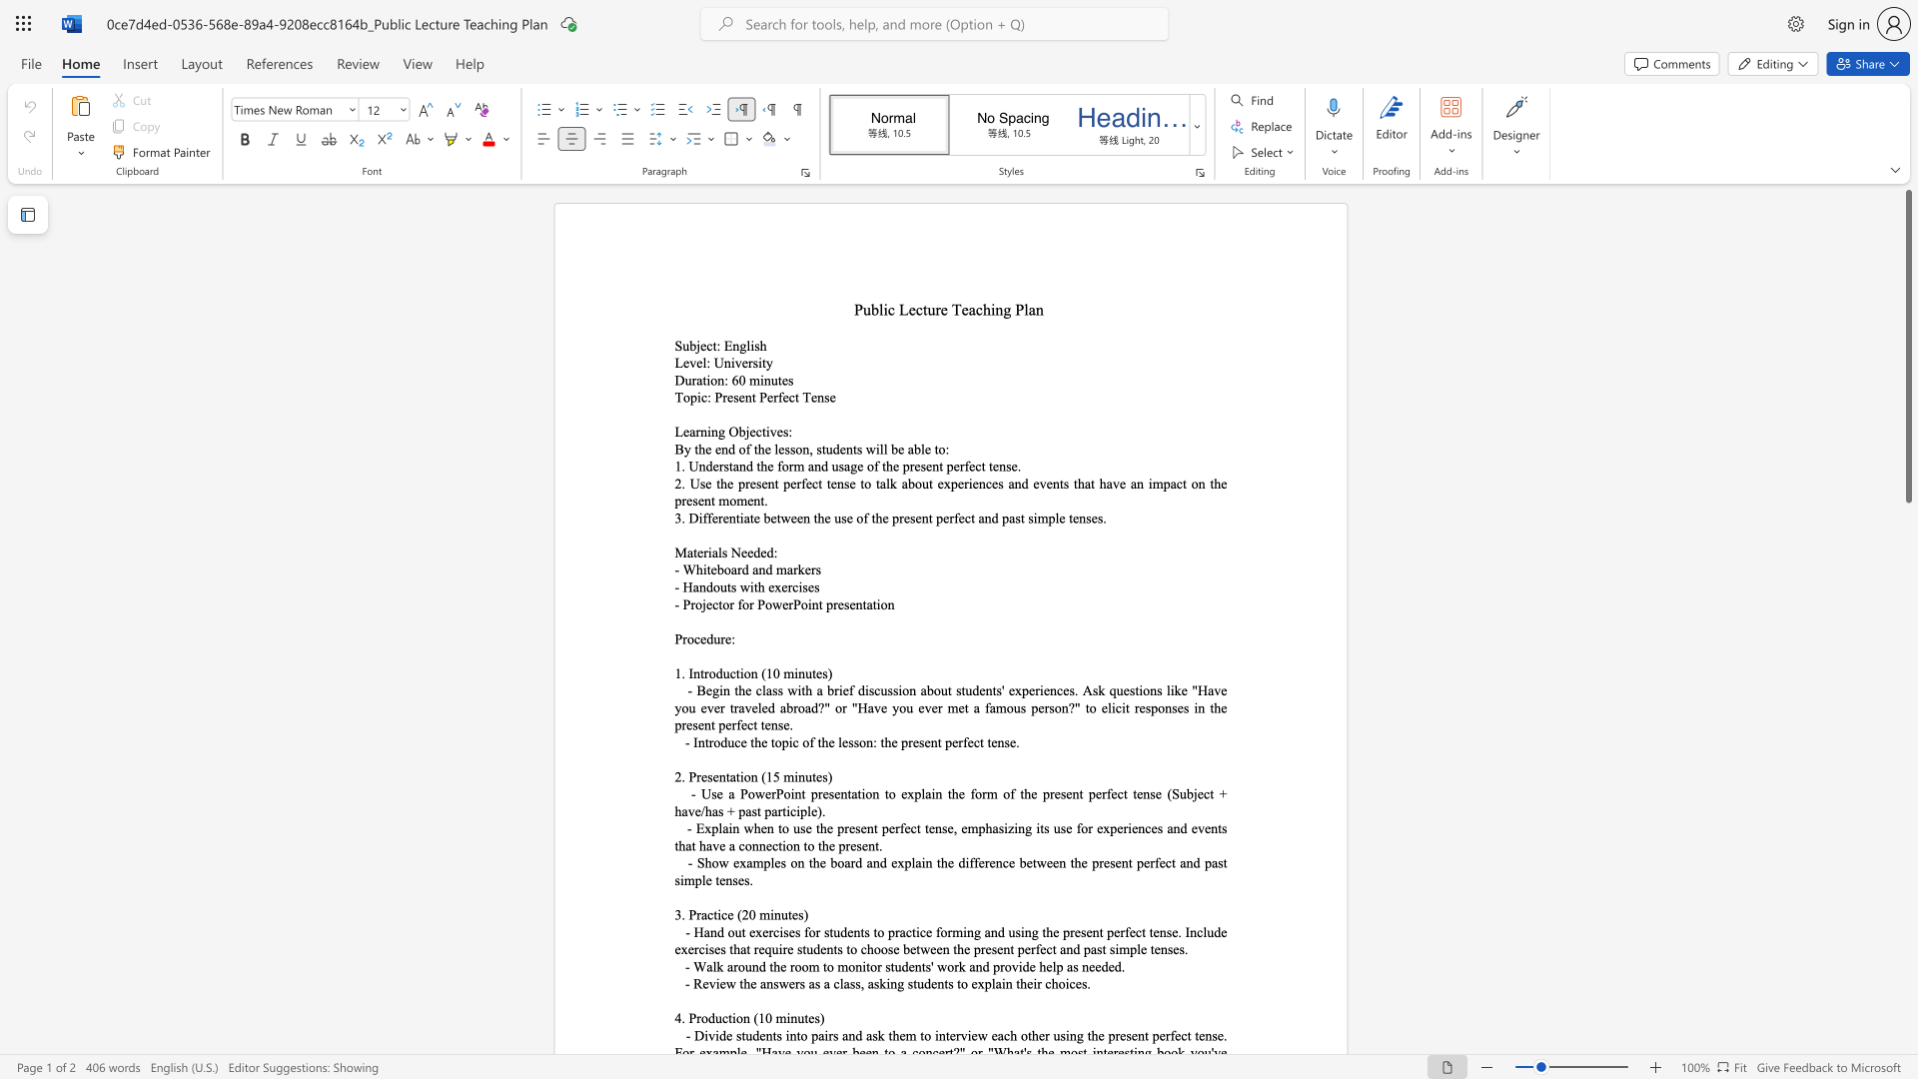 Image resolution: width=1918 pixels, height=1079 pixels. I want to click on the scrollbar to slide the page down, so click(1907, 539).